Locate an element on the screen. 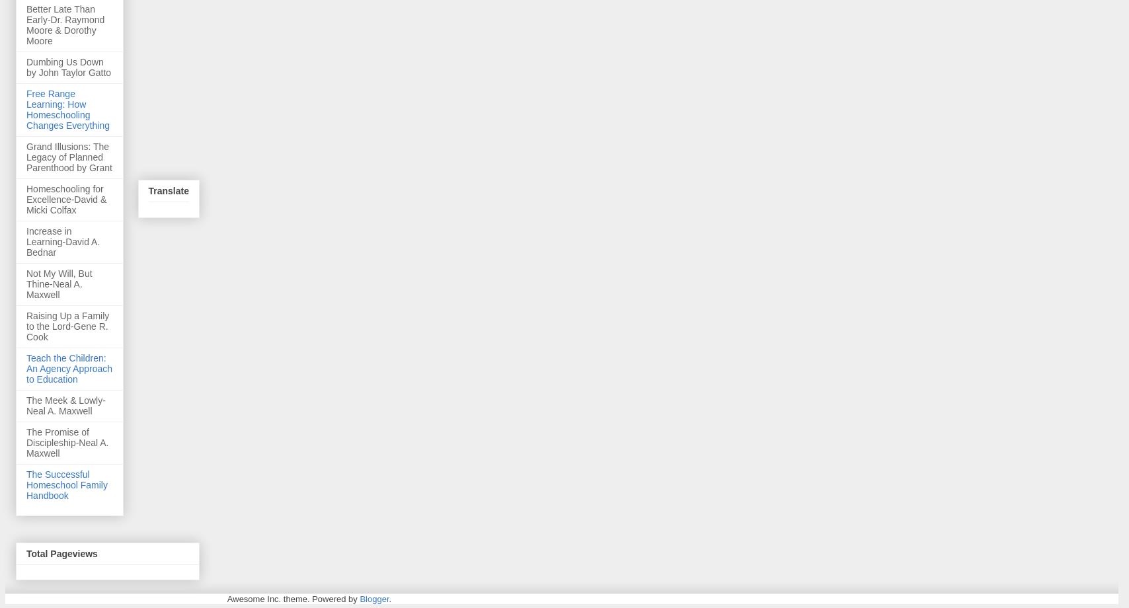  'Grand Illusions: The Legacy of Planned Parenthood by Grant' is located at coordinates (26, 156).